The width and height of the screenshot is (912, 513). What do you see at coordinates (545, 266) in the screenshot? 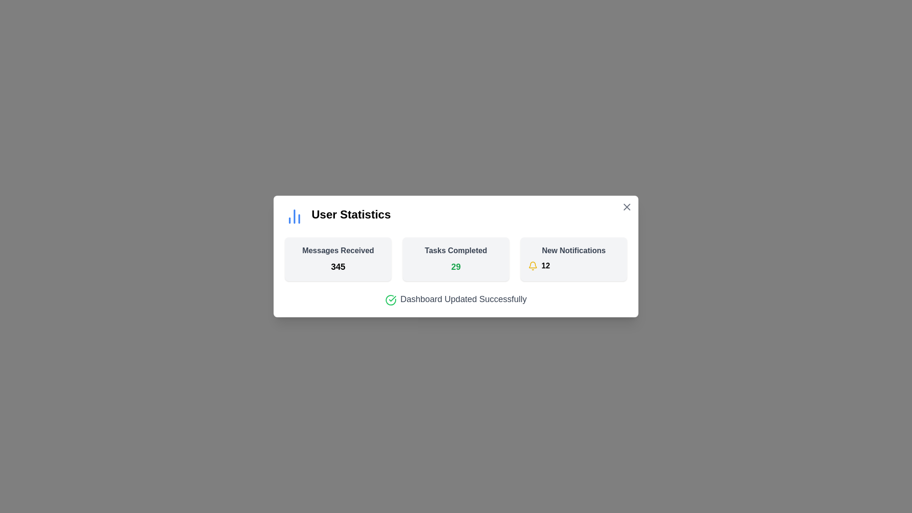
I see `the Text Label that displays the number of new notifications, located in the 'New Notifications' section, to the right of the yellow notification bell icon` at bounding box center [545, 266].